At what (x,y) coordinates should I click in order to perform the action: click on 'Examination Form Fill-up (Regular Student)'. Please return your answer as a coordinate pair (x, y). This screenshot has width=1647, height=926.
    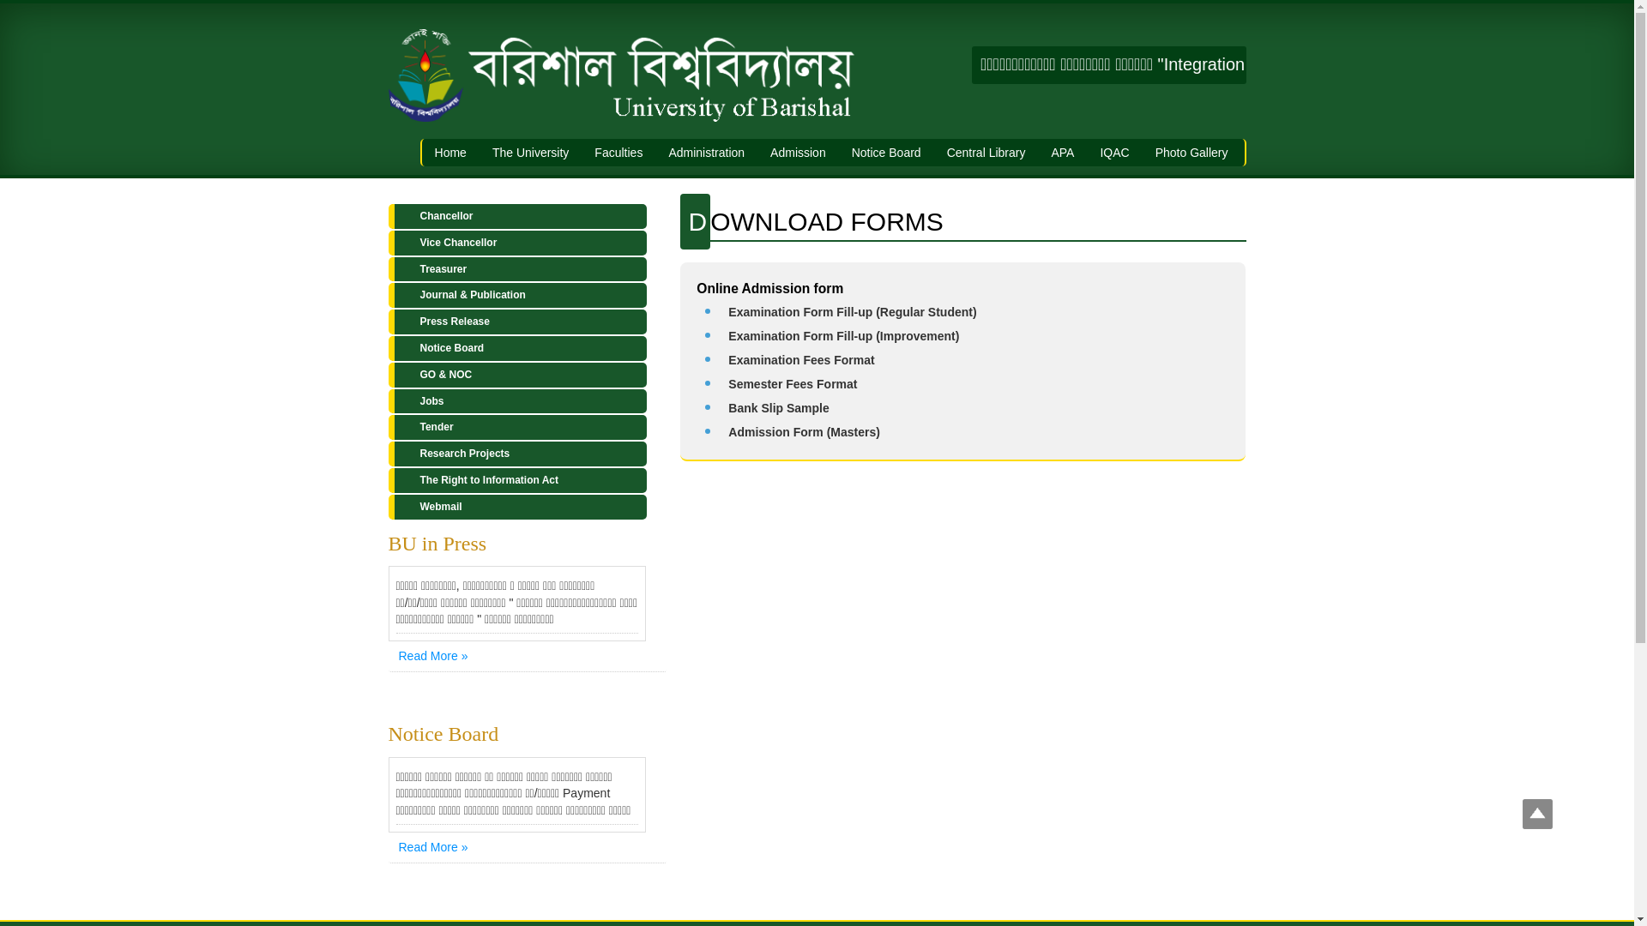
    Looking at the image, I should click on (852, 311).